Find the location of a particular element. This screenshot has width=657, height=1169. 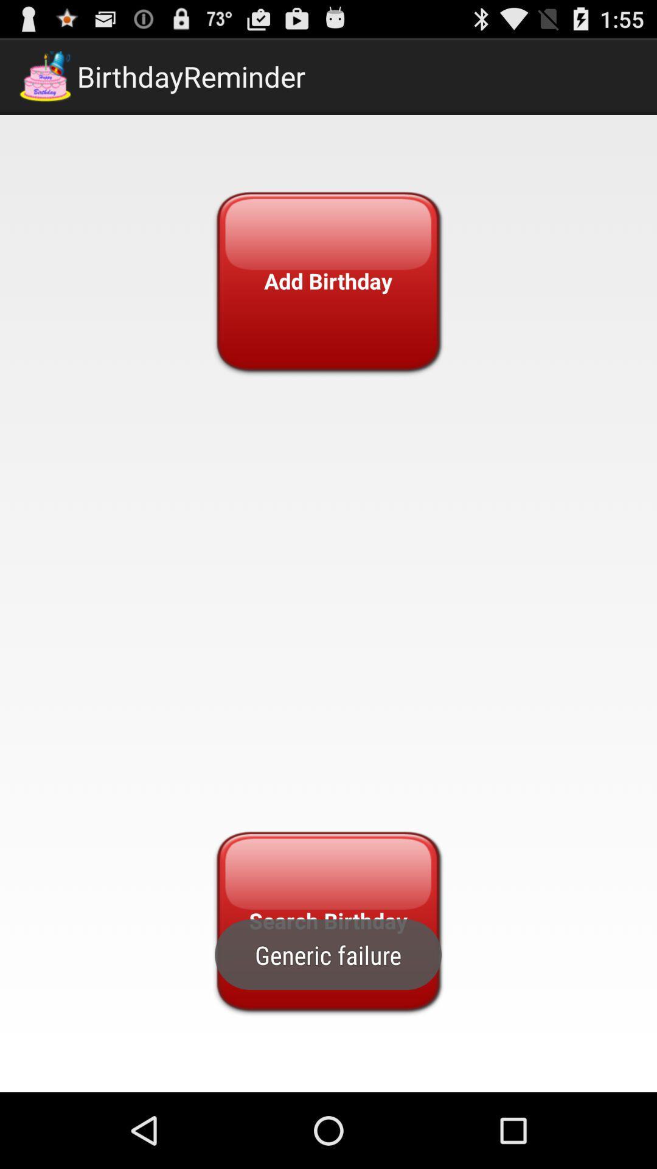

icon at the top is located at coordinates (327, 280).